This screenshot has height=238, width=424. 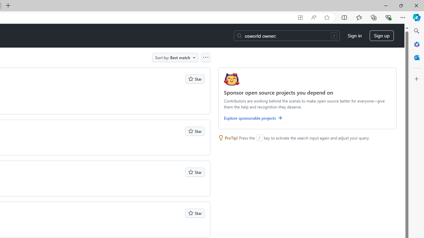 I want to click on 'Sign up', so click(x=382, y=36).